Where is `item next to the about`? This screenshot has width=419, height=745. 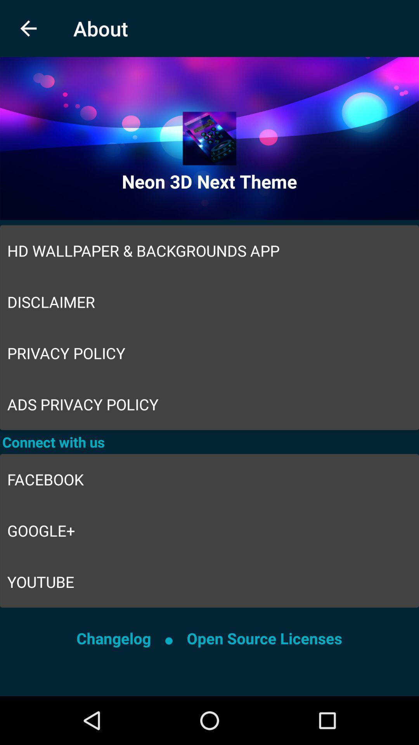 item next to the about is located at coordinates (28, 28).